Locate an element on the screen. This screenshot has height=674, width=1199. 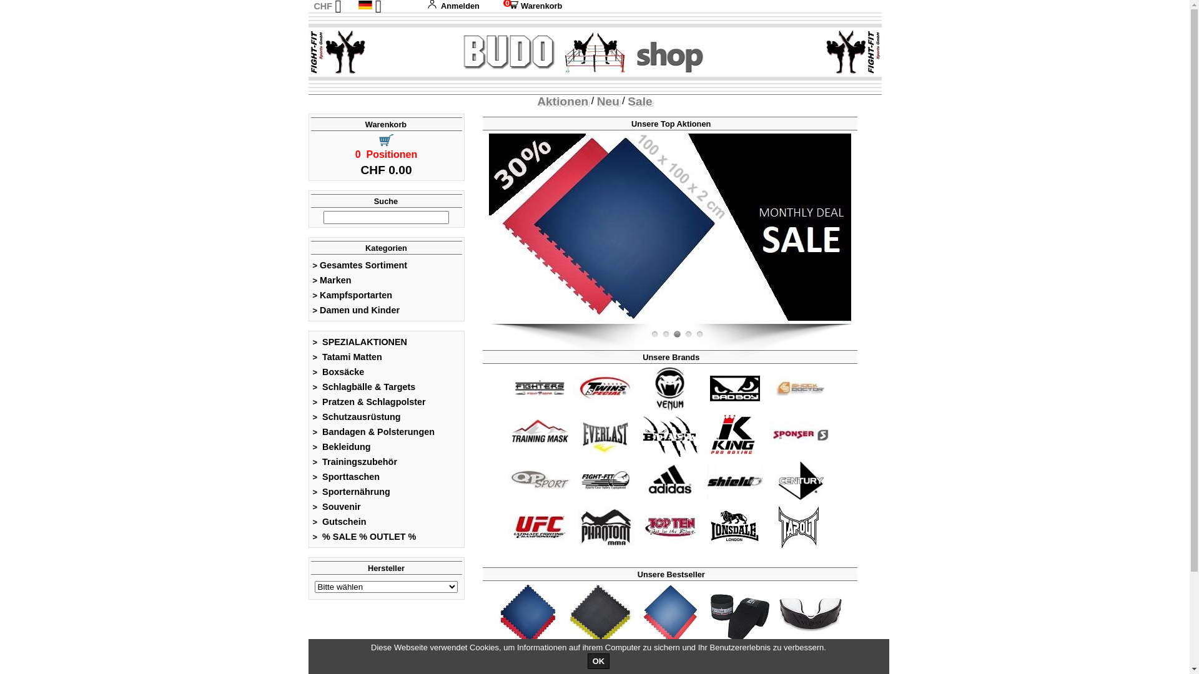
'> Marken' is located at coordinates (332, 279).